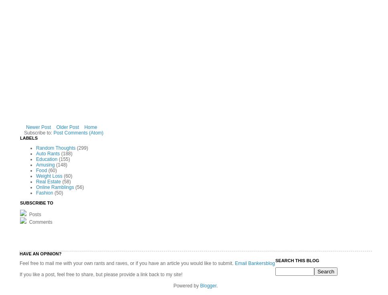 This screenshot has height=295, width=388. Describe the element at coordinates (216, 285) in the screenshot. I see `'.'` at that location.